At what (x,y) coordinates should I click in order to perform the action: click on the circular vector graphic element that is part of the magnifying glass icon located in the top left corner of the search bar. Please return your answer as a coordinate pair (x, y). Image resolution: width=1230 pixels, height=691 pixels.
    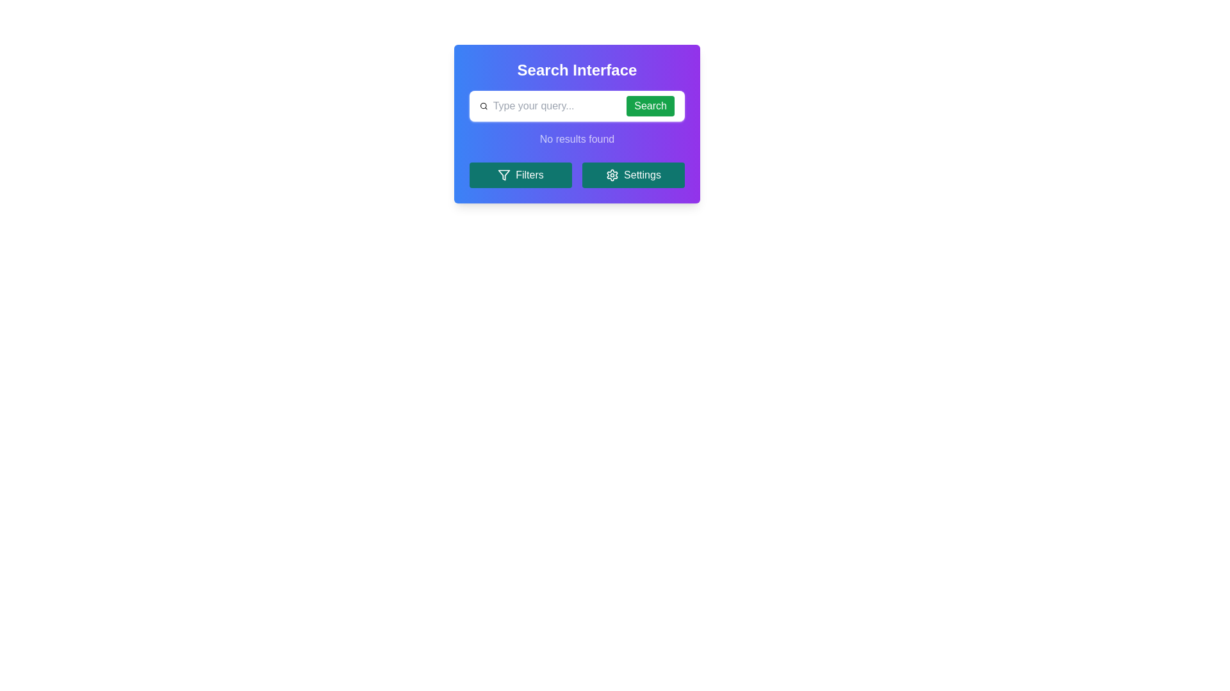
    Looking at the image, I should click on (482, 105).